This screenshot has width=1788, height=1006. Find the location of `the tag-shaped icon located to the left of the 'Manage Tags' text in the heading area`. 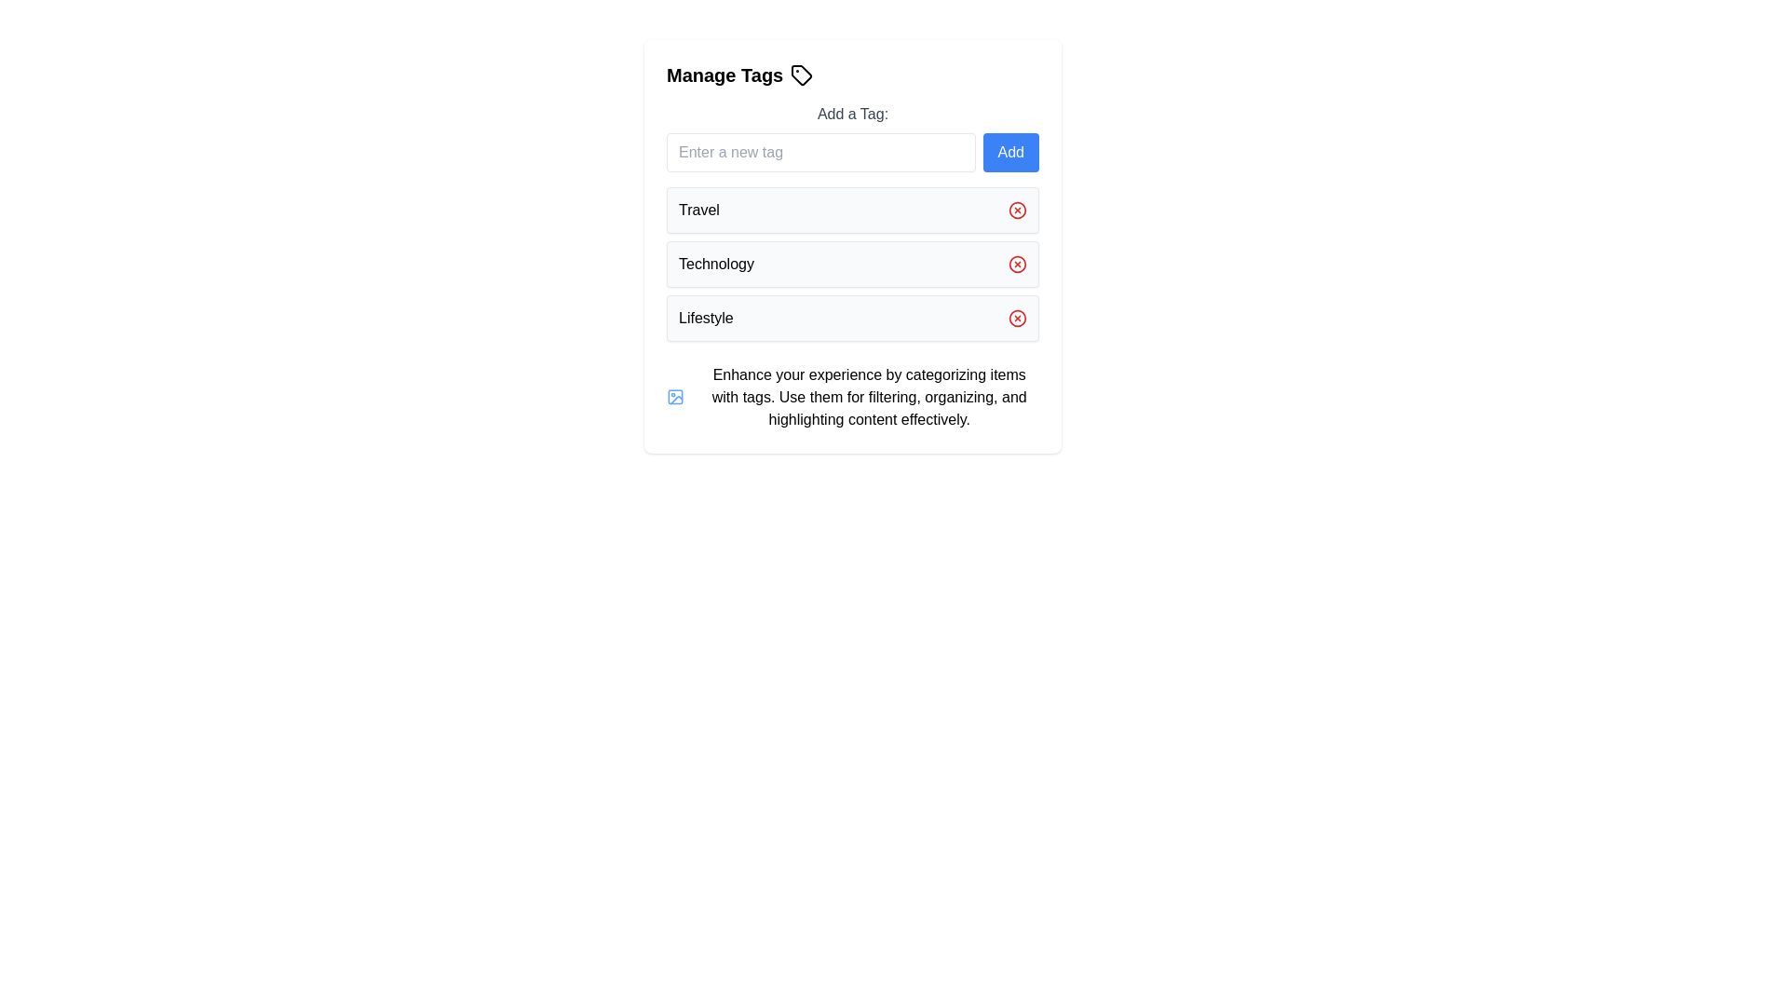

the tag-shaped icon located to the left of the 'Manage Tags' text in the heading area is located at coordinates (802, 75).